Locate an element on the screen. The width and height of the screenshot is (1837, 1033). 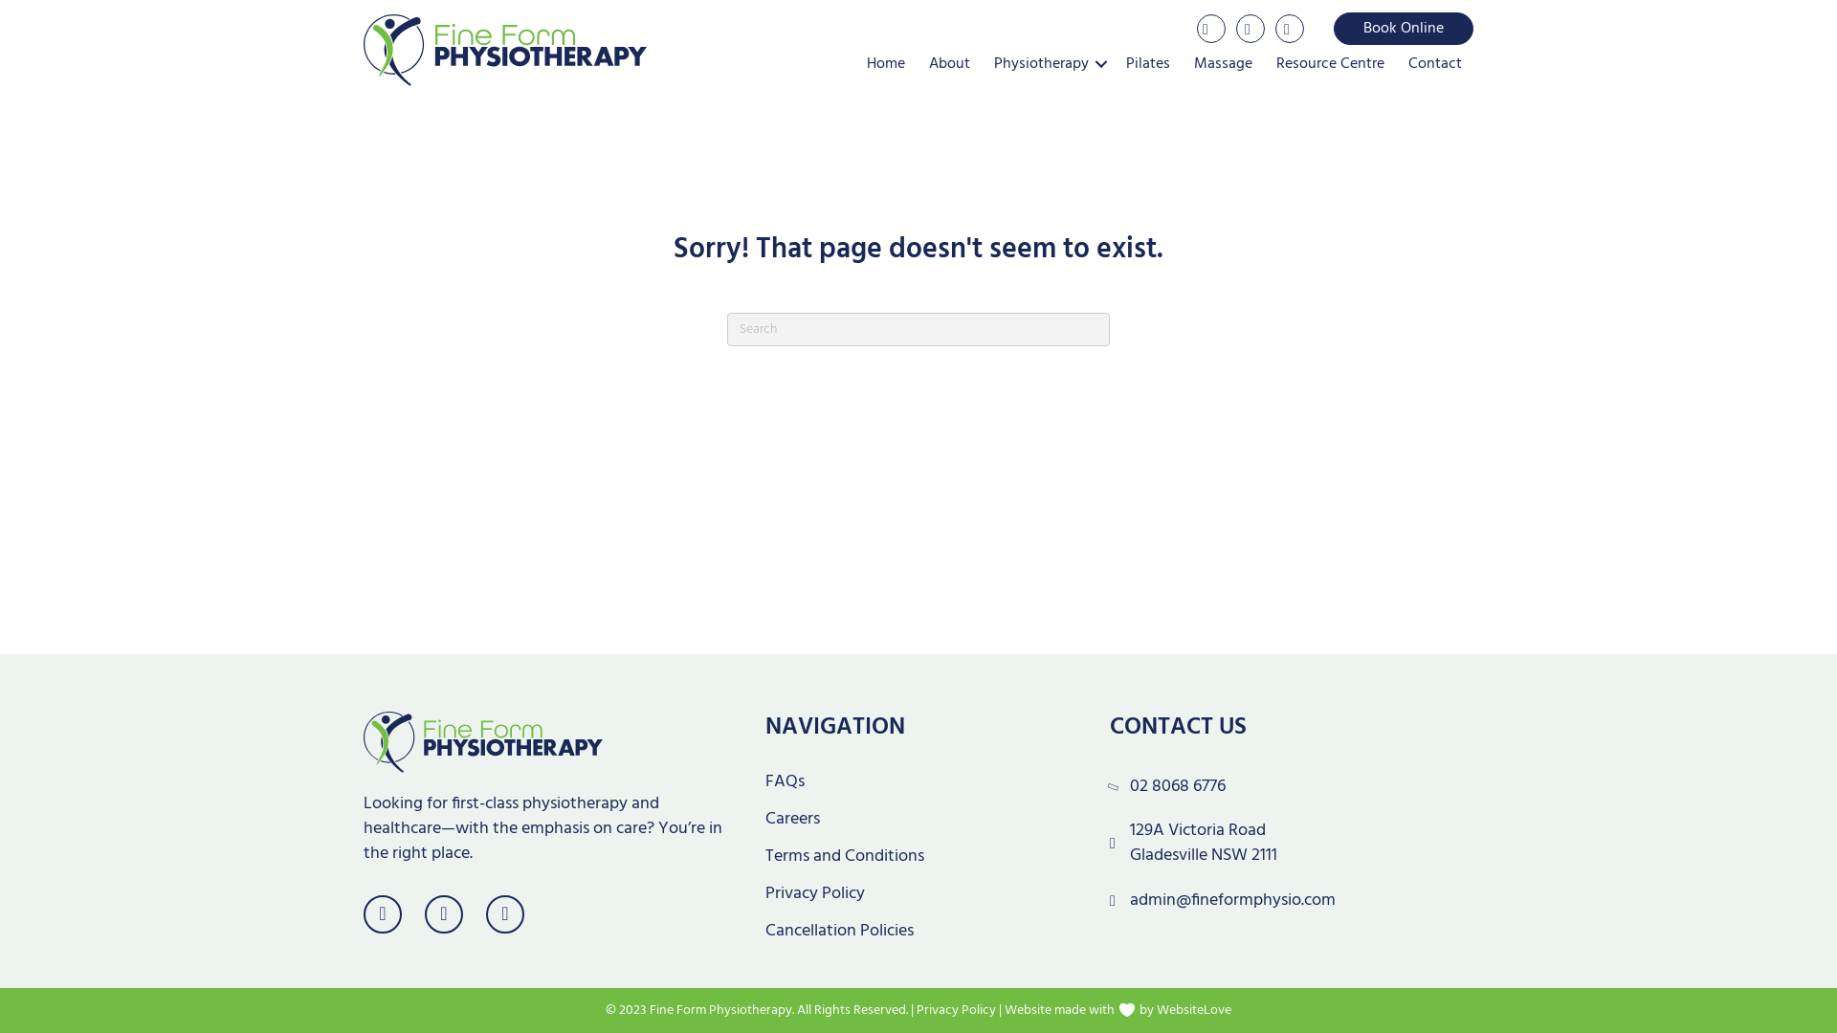
'02 8068 6776' is located at coordinates (1176, 786).